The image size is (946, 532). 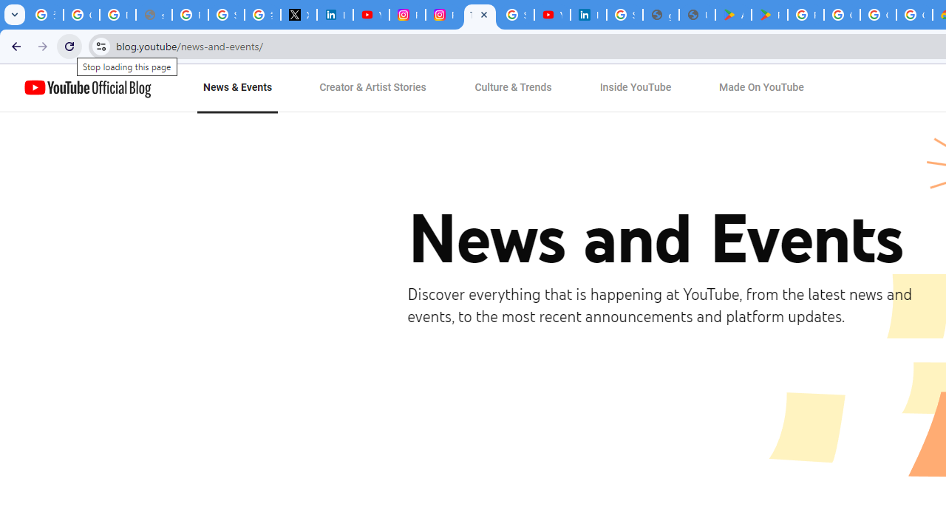 What do you see at coordinates (87, 88) in the screenshot?
I see `'YouTube Official Blog logo'` at bounding box center [87, 88].